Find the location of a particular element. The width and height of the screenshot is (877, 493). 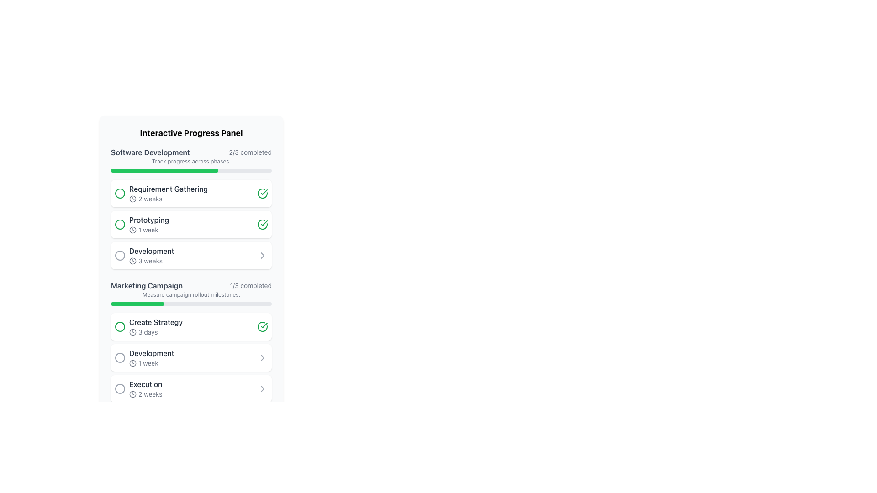

clock icon in the 'Development' list item, which is the third item in the 'Software Development' section, featuring the title 'Development' in bold and the text '3 weeks' below it is located at coordinates (152, 255).